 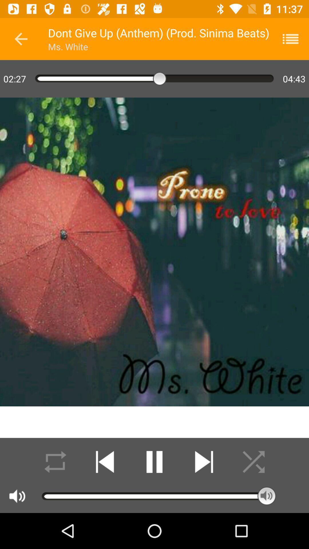 What do you see at coordinates (253, 462) in the screenshot?
I see `randomize playlist` at bounding box center [253, 462].